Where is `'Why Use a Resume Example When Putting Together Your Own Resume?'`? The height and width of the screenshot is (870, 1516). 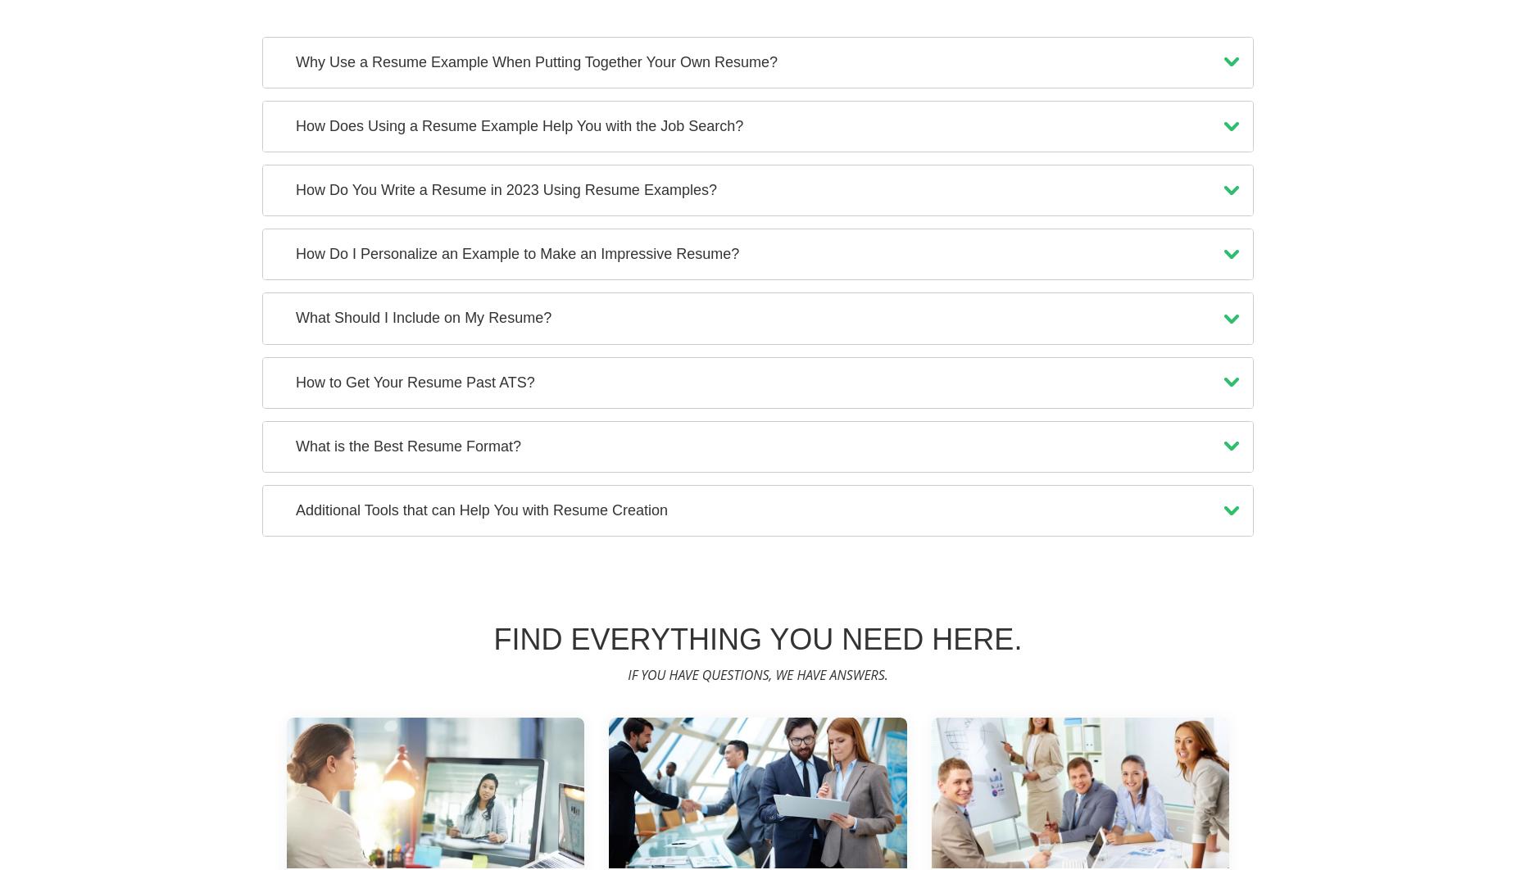
'Why Use a Resume Example When Putting Together Your Own Resume?' is located at coordinates (536, 61).